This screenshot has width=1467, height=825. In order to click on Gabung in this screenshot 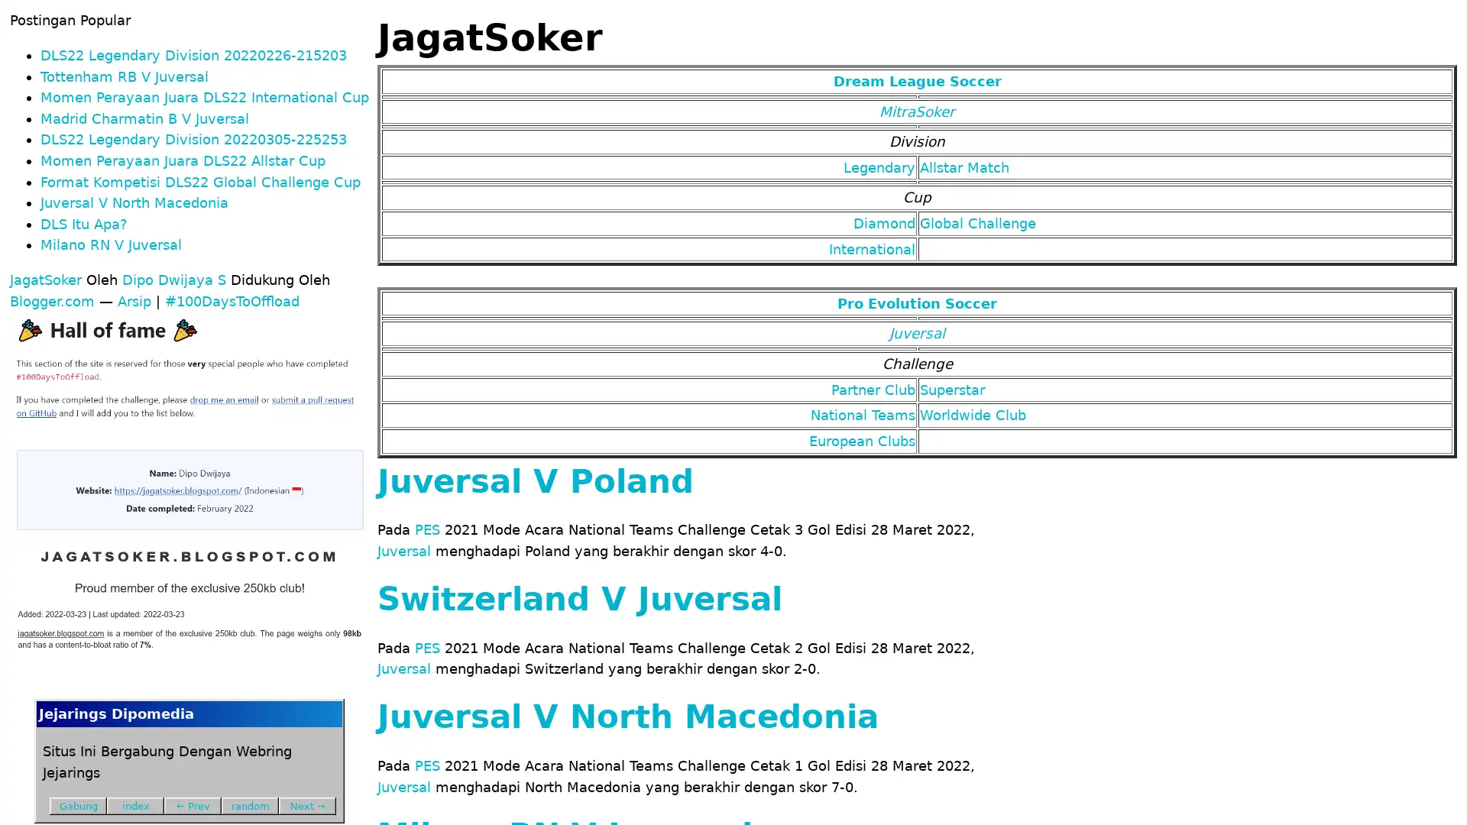, I will do `click(77, 804)`.